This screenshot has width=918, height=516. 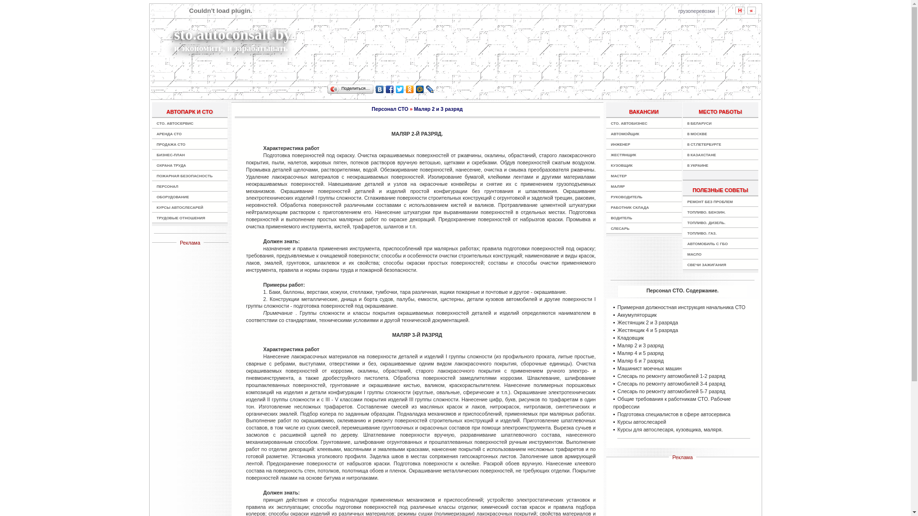 What do you see at coordinates (390, 89) in the screenshot?
I see `'Facebook'` at bounding box center [390, 89].